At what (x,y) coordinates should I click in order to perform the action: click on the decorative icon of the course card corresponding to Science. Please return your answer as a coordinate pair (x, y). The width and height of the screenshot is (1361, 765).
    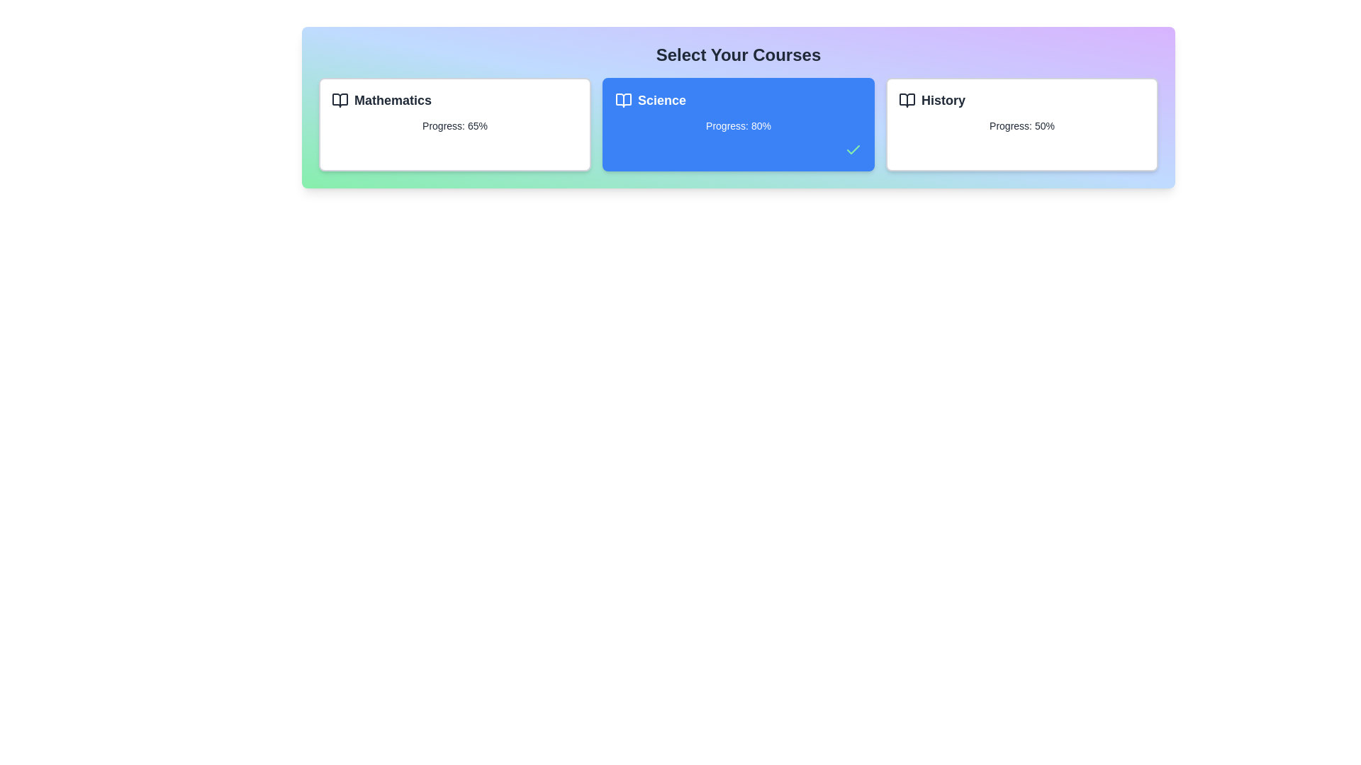
    Looking at the image, I should click on (623, 100).